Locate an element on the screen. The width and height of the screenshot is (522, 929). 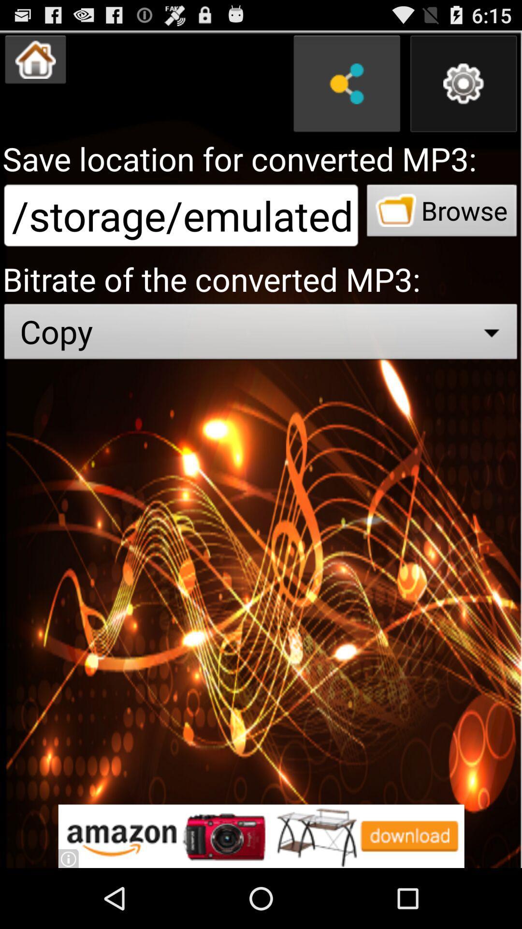
shows the home option is located at coordinates (35, 59).